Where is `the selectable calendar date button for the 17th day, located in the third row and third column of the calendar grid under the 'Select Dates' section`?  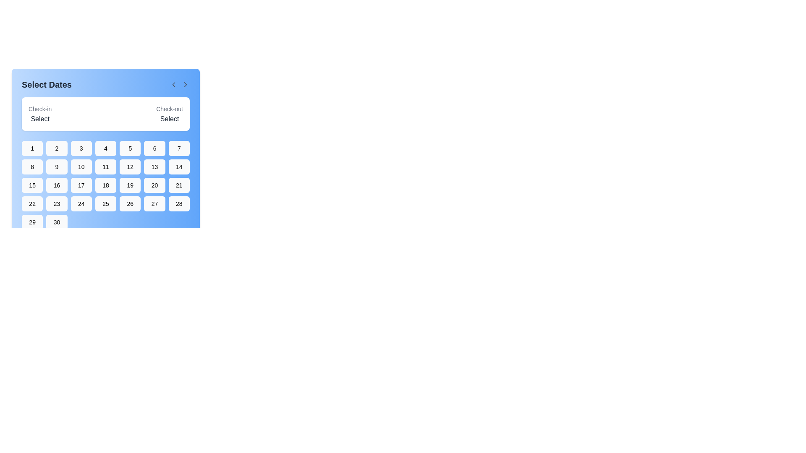 the selectable calendar date button for the 17th day, located in the third row and third column of the calendar grid under the 'Select Dates' section is located at coordinates (81, 185).